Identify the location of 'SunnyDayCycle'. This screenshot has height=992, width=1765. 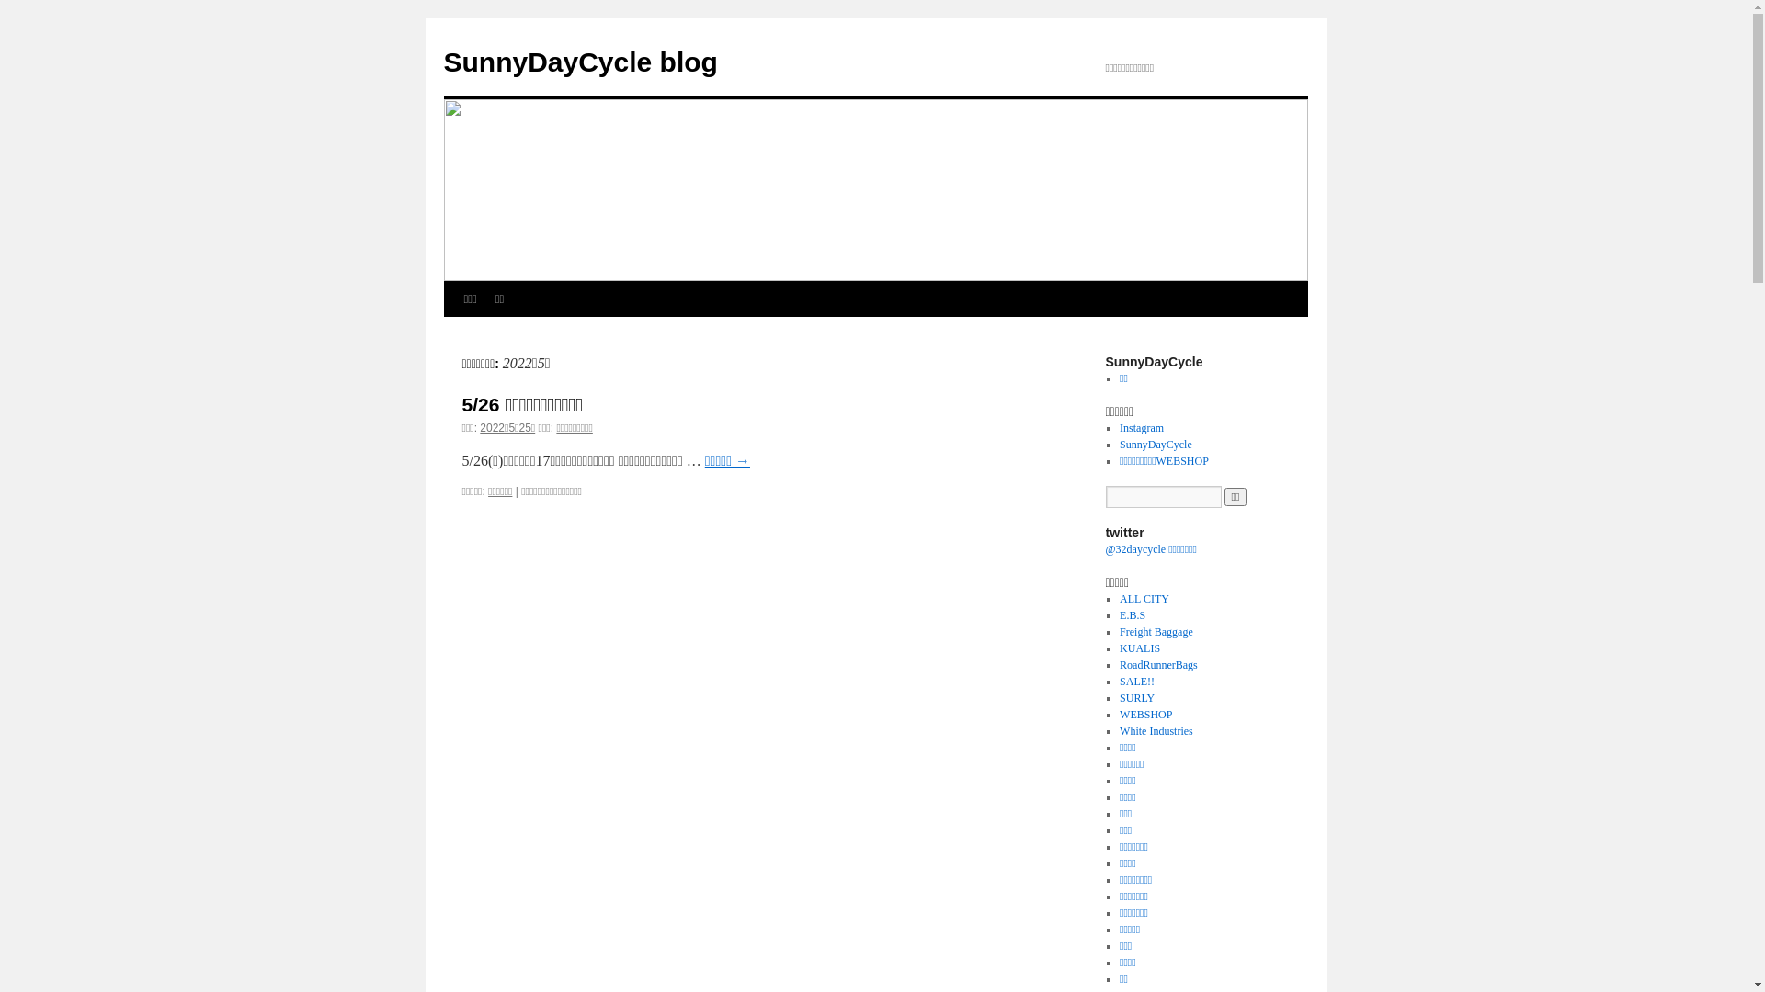
(1155, 444).